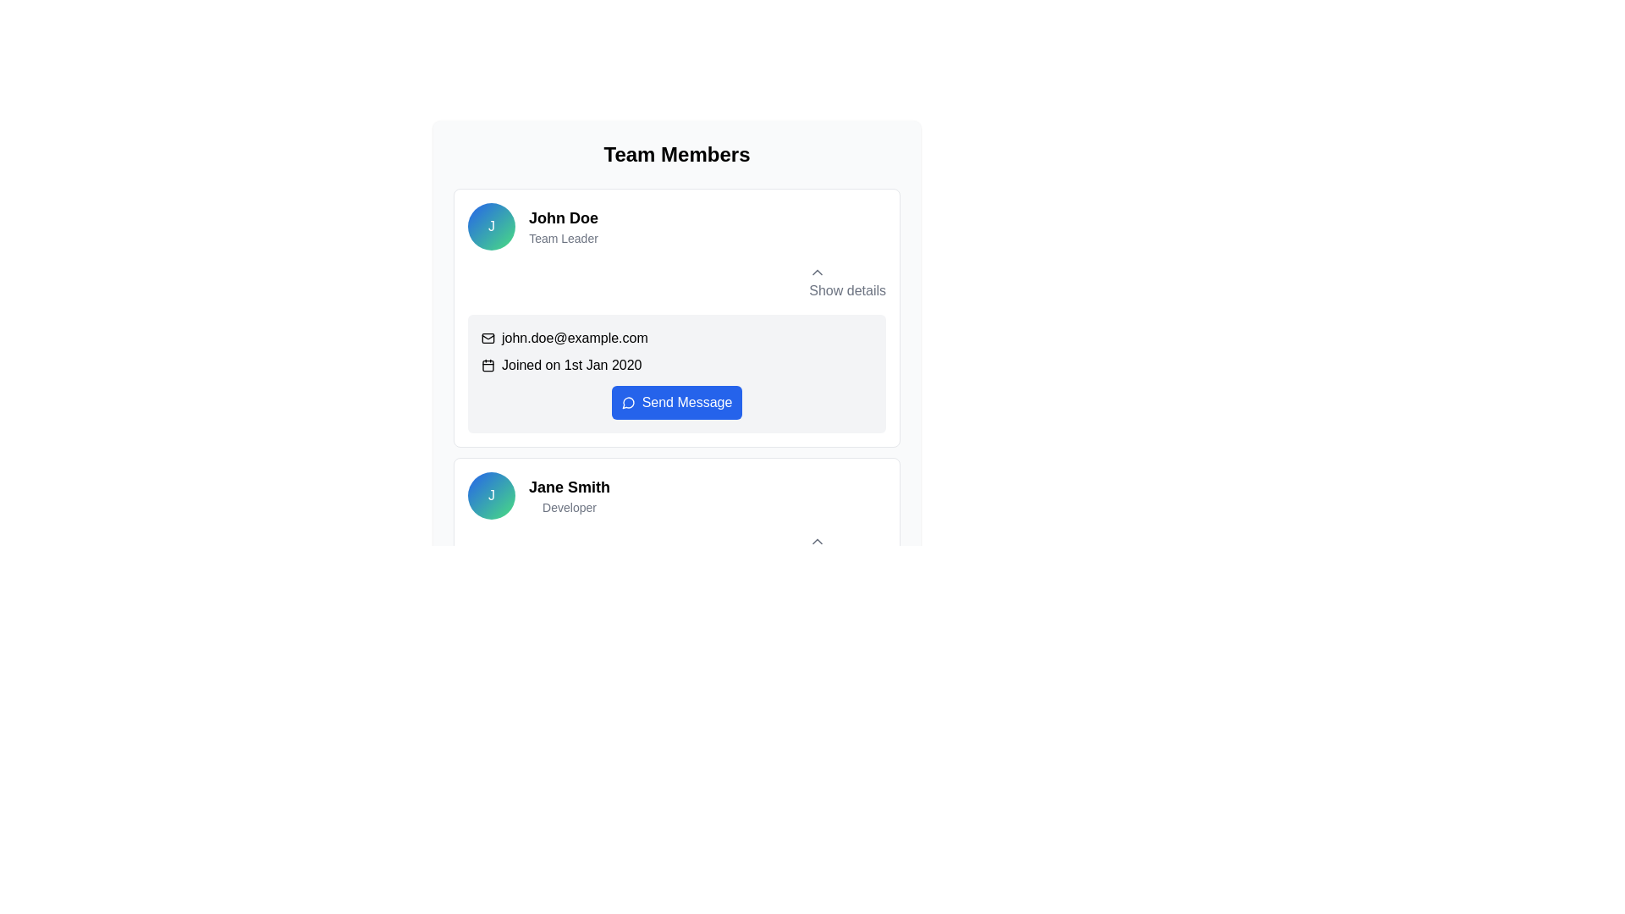 The height and width of the screenshot is (914, 1625). I want to click on the text element displaying 'John Doe' and 'Team Leader', so click(564, 225).